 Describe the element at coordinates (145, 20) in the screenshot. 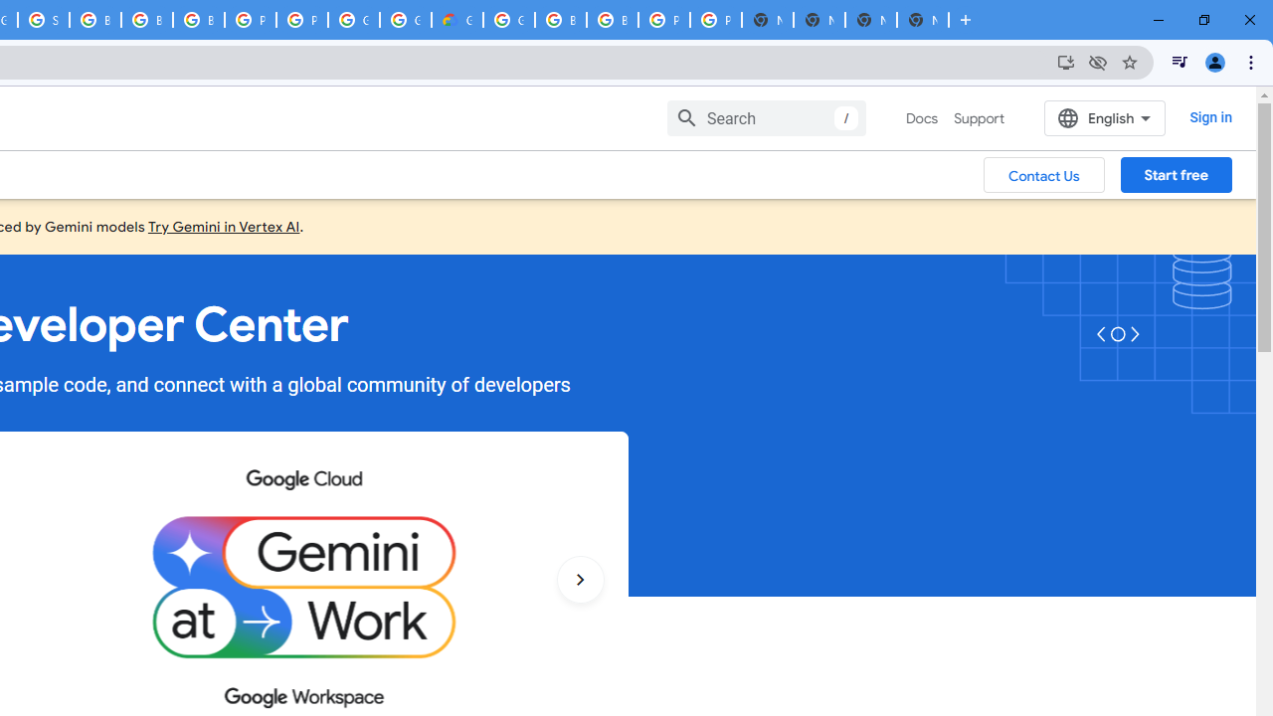

I see `'Browse Chrome as a guest - Computer - Google Chrome Help'` at that location.